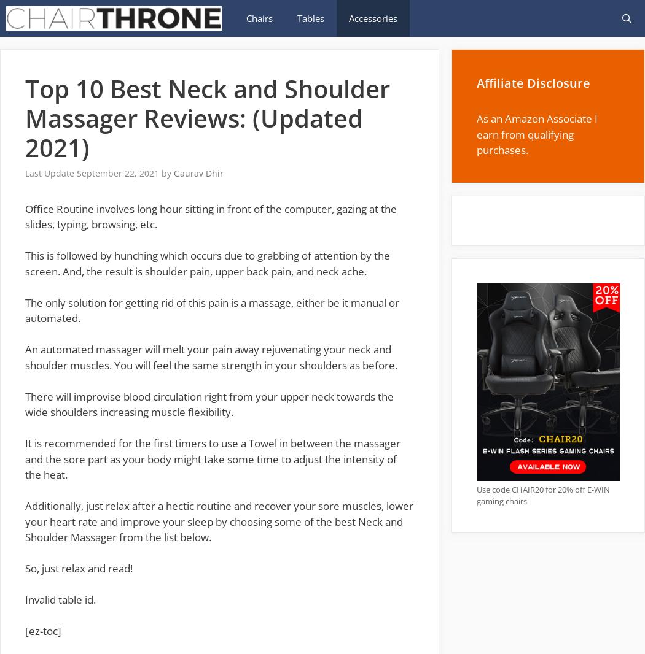  Describe the element at coordinates (212, 458) in the screenshot. I see `'It is recommended for the first timers to use a Towel in between the massager and the sore part as your body might take some time to adjust the intensity of the heat.'` at that location.